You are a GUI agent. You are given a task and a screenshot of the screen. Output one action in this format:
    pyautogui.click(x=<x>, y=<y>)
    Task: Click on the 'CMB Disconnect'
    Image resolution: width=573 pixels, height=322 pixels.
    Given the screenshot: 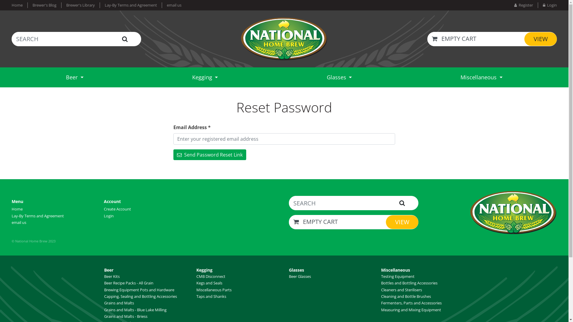 What is the action you would take?
    pyautogui.click(x=211, y=276)
    